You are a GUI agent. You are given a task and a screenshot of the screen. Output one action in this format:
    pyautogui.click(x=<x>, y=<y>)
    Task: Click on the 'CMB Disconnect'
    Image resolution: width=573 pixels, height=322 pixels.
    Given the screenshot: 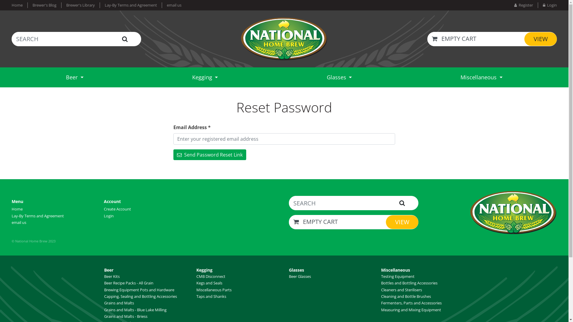 What is the action you would take?
    pyautogui.click(x=211, y=276)
    